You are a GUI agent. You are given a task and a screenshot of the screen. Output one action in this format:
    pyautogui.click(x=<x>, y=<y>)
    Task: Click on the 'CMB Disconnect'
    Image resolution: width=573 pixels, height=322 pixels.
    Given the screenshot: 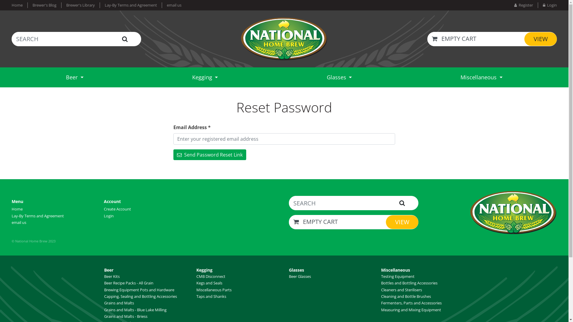 What is the action you would take?
    pyautogui.click(x=211, y=276)
    